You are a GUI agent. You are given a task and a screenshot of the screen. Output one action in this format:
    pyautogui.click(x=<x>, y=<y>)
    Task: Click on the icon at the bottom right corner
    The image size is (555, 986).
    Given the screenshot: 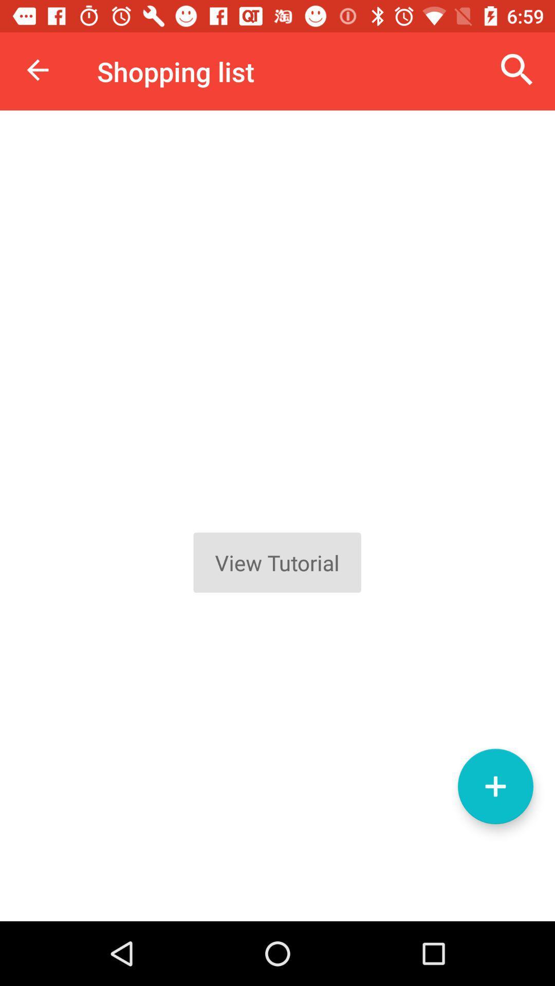 What is the action you would take?
    pyautogui.click(x=495, y=786)
    